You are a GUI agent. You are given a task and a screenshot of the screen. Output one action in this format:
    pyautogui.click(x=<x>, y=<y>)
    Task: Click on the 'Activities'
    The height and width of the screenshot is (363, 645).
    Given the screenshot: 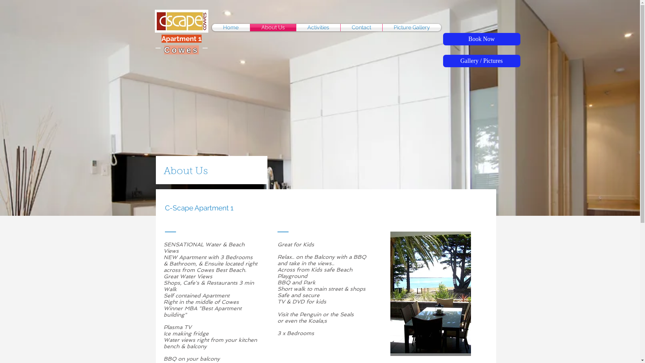 What is the action you would take?
    pyautogui.click(x=296, y=27)
    